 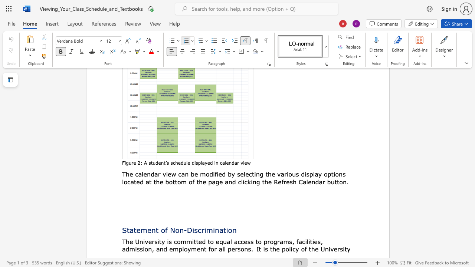 I want to click on the 1th character "v" in the text, so click(x=242, y=162).